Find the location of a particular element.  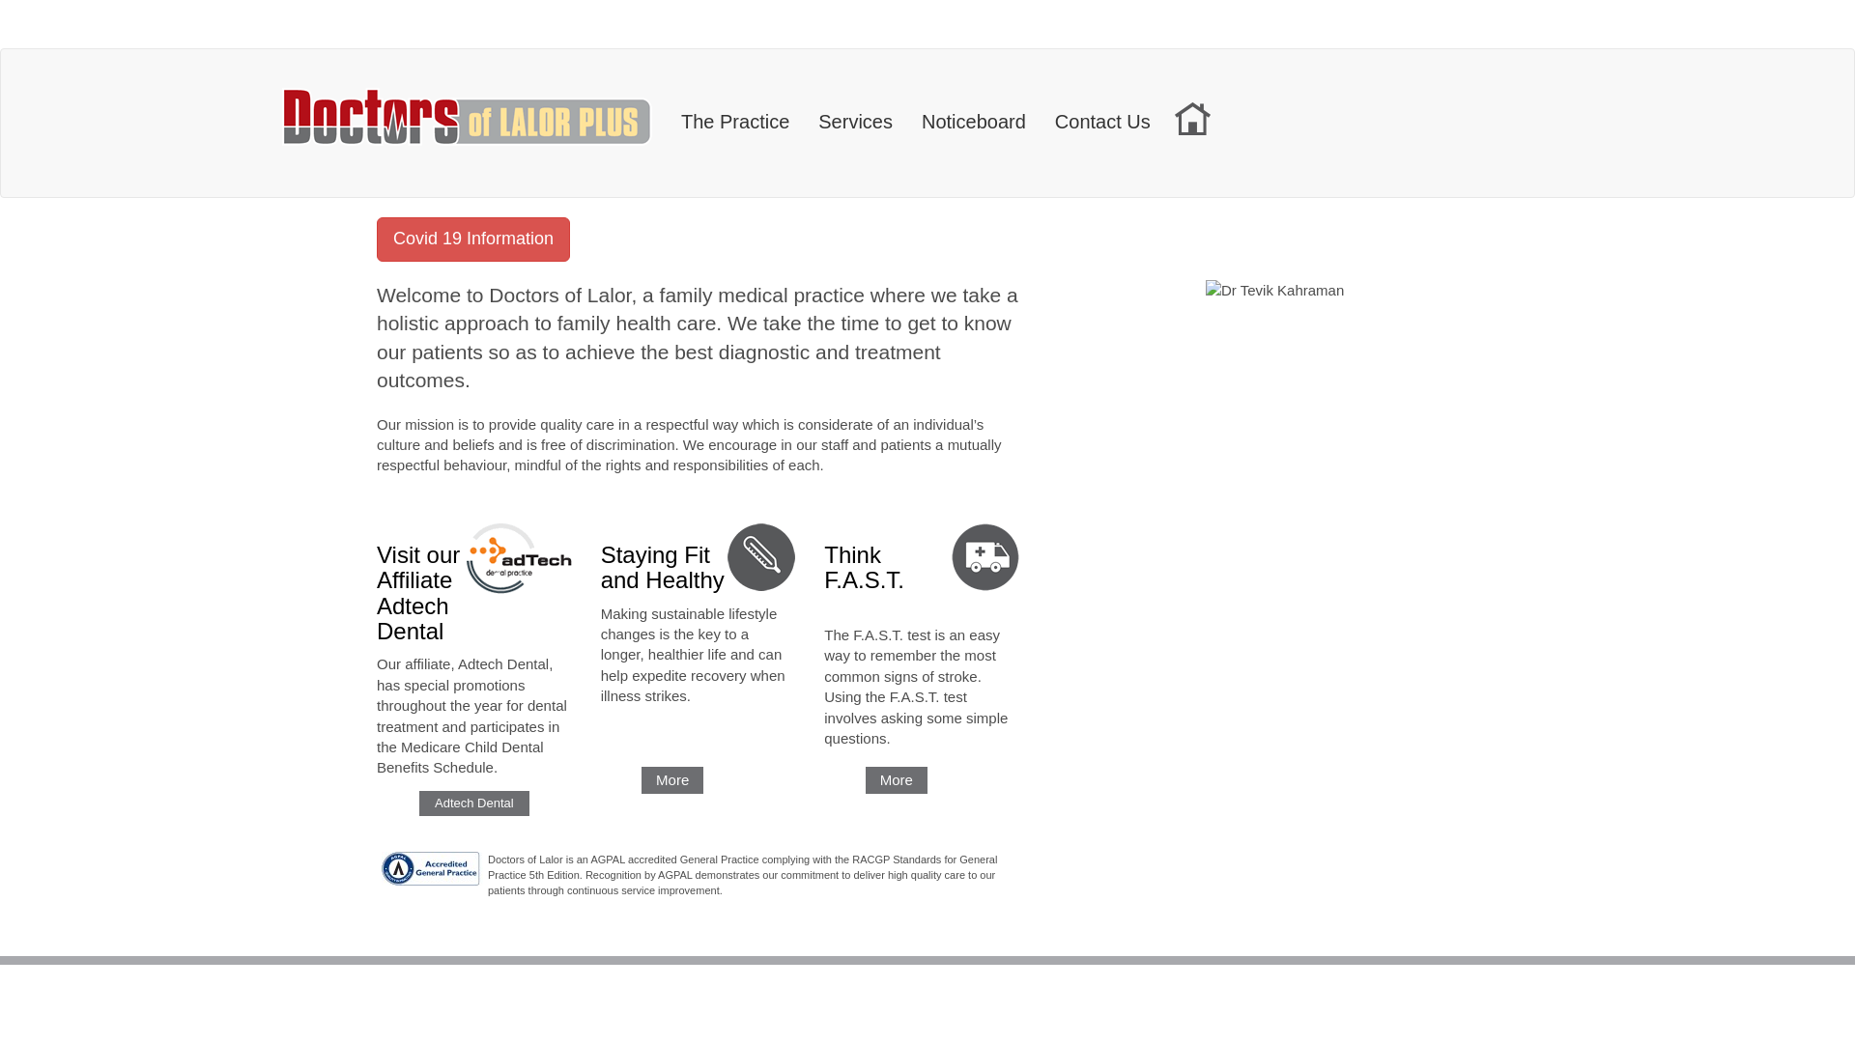

'More' is located at coordinates (865, 778).